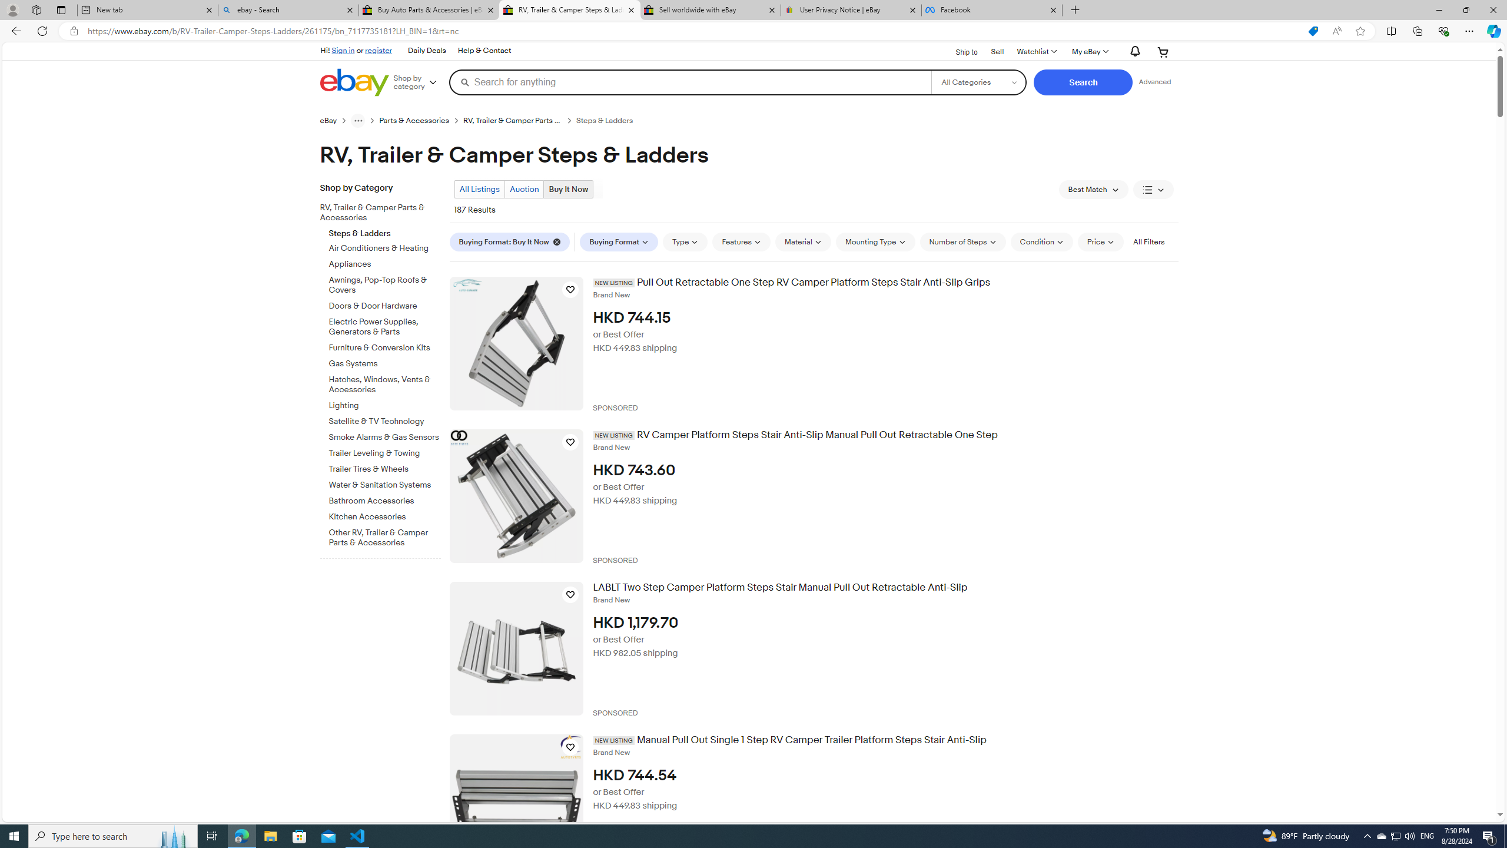  Describe the element at coordinates (962, 241) in the screenshot. I see `'Number of Steps'` at that location.